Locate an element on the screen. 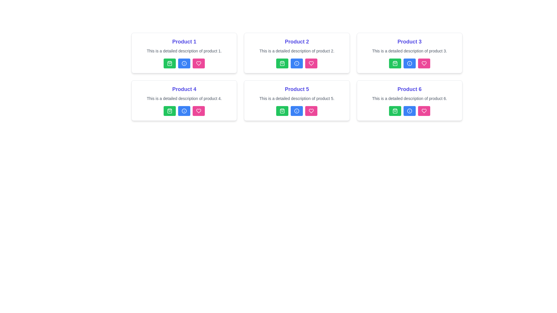 The height and width of the screenshot is (313, 557). the circular button with a blue background and a white border, which is the second button in a horizontal series of three buttons located beneath 'Product 4' is located at coordinates (184, 111).